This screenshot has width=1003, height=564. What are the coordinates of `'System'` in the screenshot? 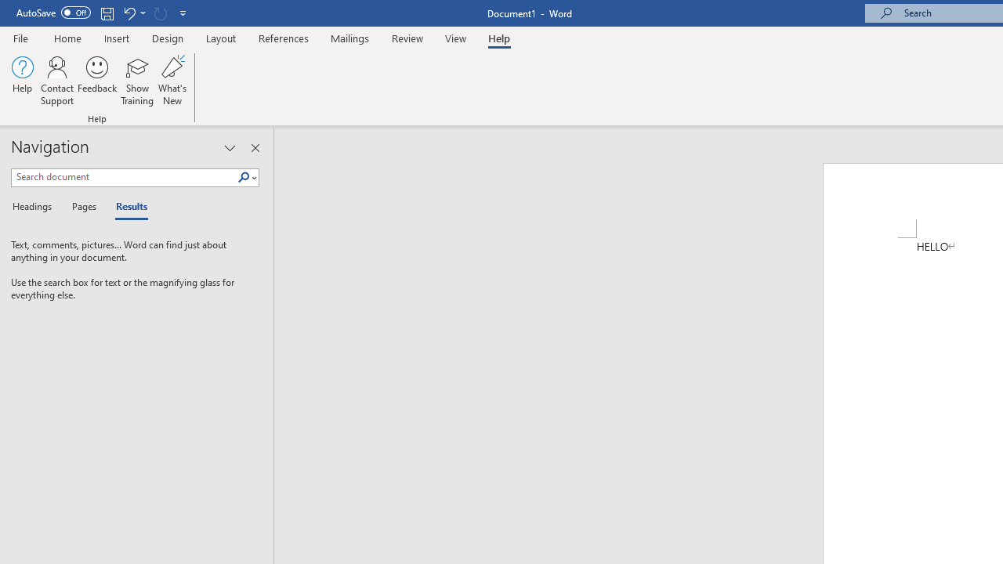 It's located at (8, 9).